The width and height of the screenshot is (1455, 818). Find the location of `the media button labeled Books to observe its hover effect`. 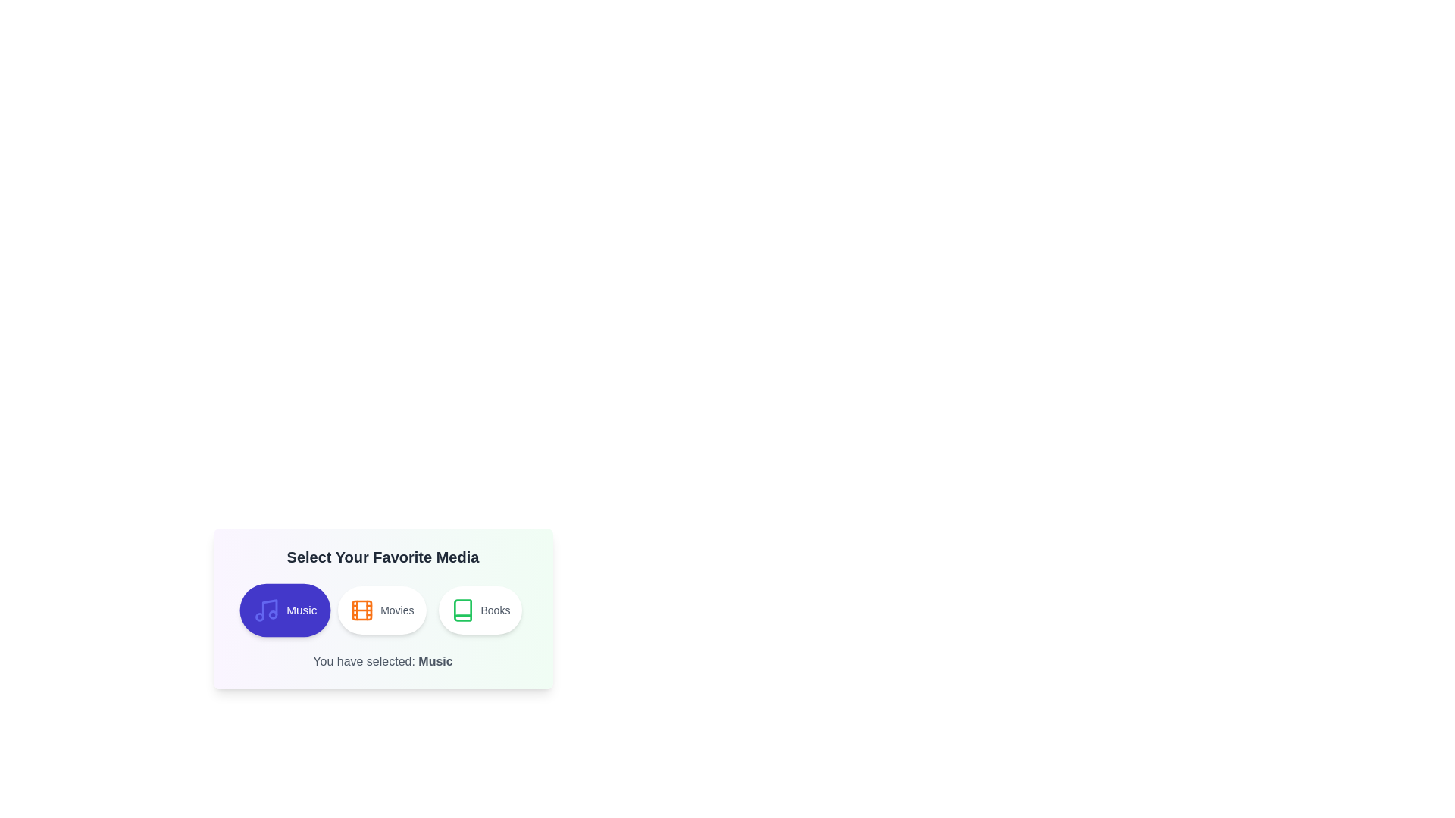

the media button labeled Books to observe its hover effect is located at coordinates (479, 610).